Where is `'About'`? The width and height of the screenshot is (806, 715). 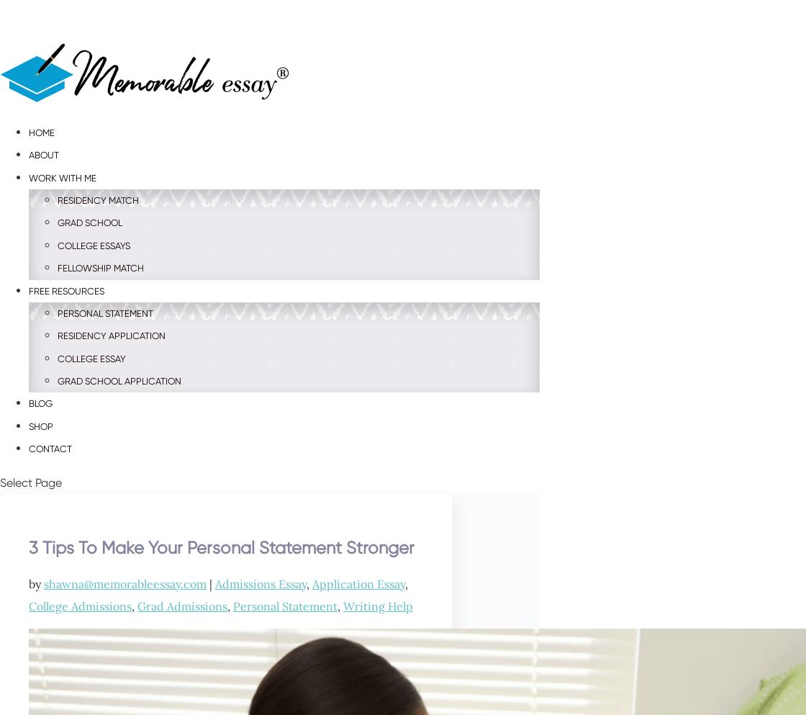
'About' is located at coordinates (44, 155).